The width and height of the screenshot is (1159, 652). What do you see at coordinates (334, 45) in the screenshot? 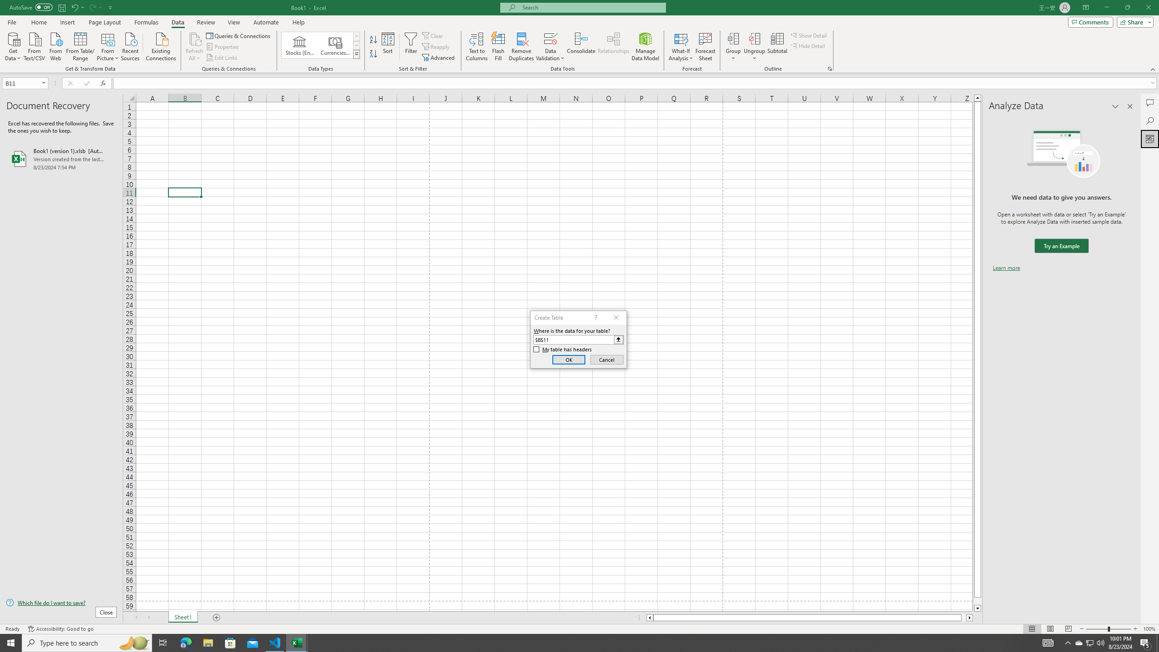
I see `'Currencies (English)'` at bounding box center [334, 45].